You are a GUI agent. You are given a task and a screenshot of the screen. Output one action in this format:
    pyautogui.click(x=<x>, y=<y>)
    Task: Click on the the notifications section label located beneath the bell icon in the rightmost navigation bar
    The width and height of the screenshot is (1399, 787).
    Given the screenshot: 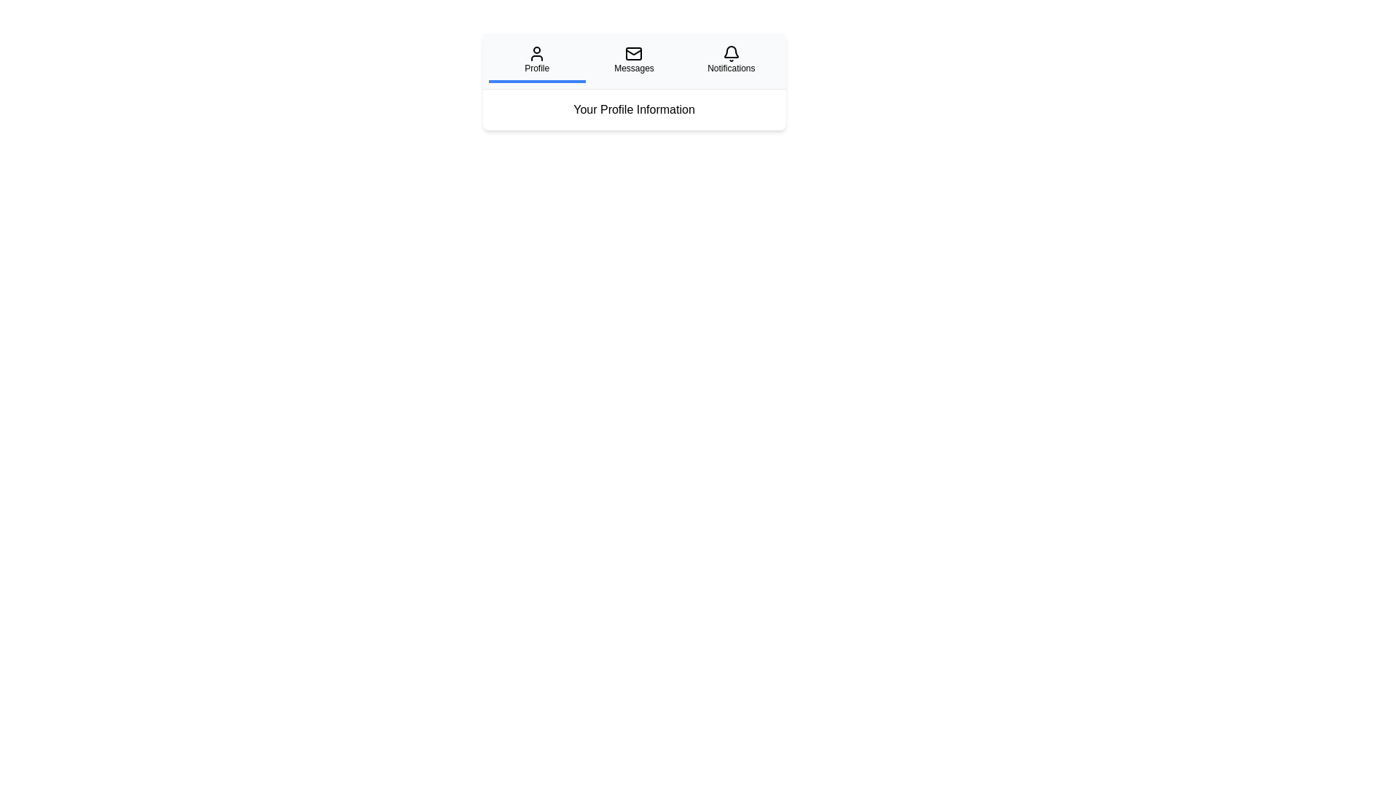 What is the action you would take?
    pyautogui.click(x=731, y=68)
    